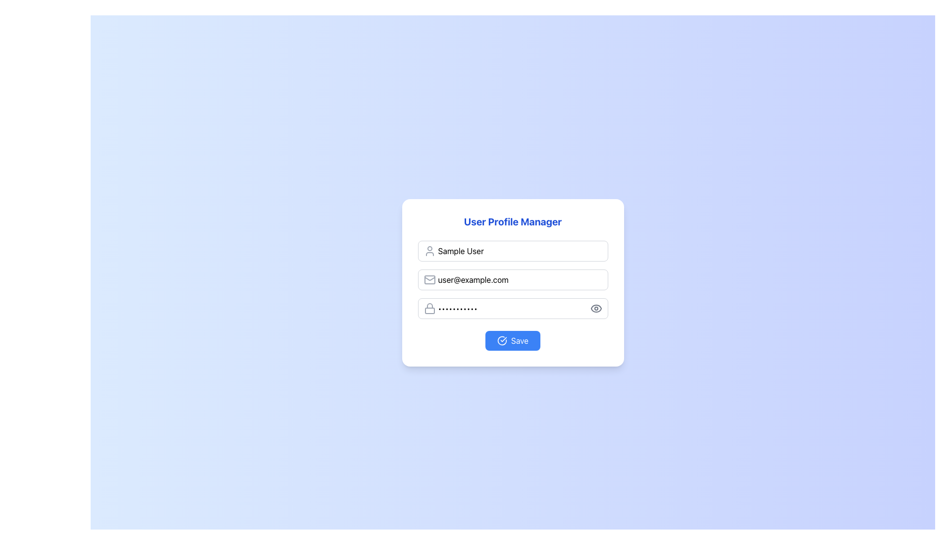 This screenshot has height=535, width=951. Describe the element at coordinates (429, 279) in the screenshot. I see `the mail icon, which is a gray envelope design positioned to the left of the email input field and aligned vertically with the placeholder text` at that location.